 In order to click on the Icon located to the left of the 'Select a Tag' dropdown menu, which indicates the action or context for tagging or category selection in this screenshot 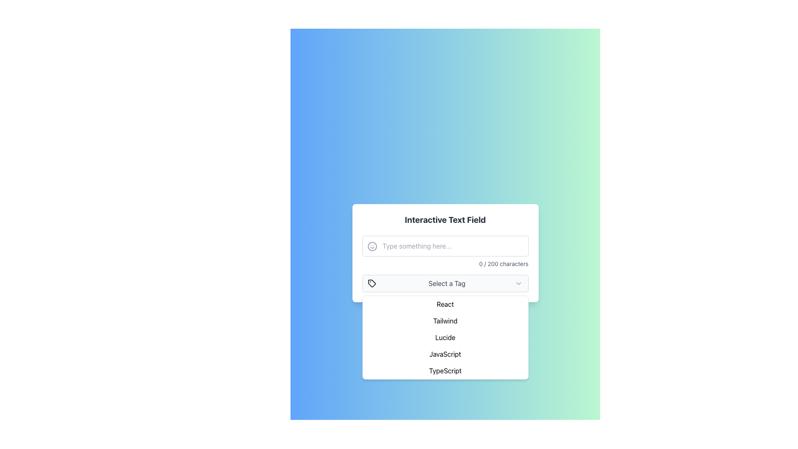, I will do `click(371, 283)`.